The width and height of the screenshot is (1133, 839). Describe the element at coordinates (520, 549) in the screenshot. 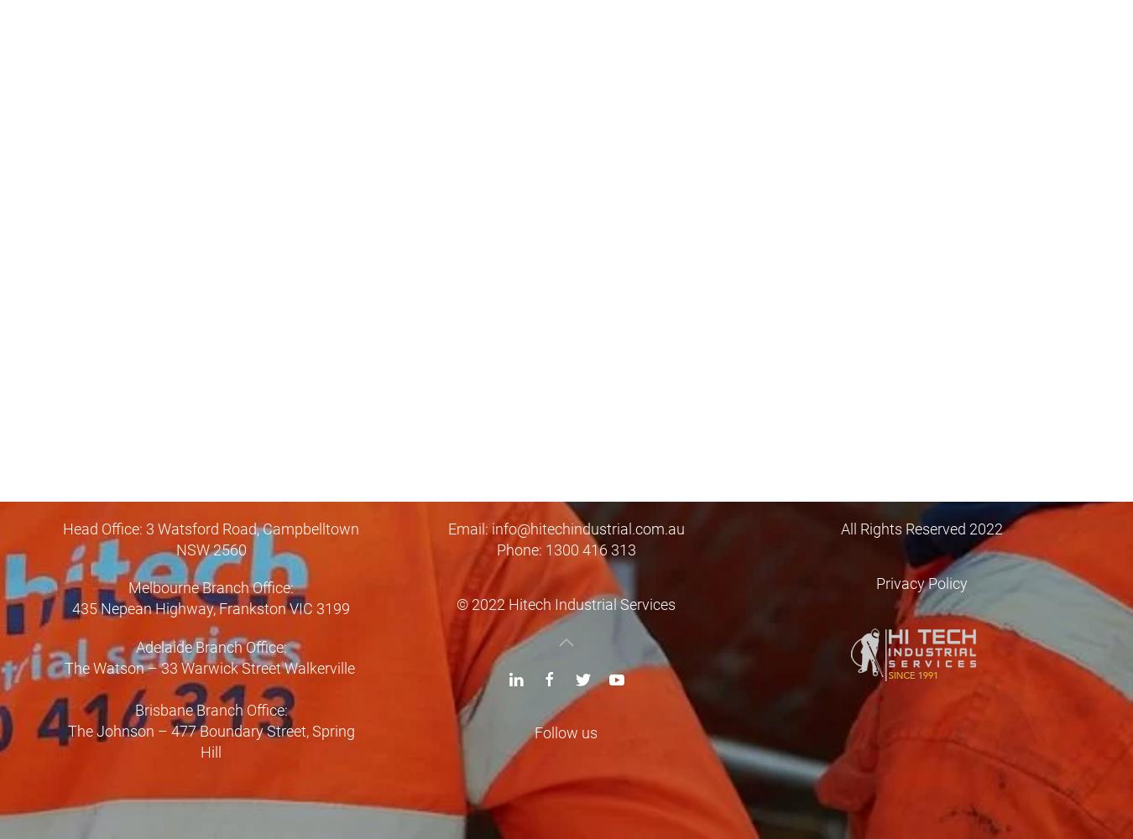

I see `'Phone:'` at that location.